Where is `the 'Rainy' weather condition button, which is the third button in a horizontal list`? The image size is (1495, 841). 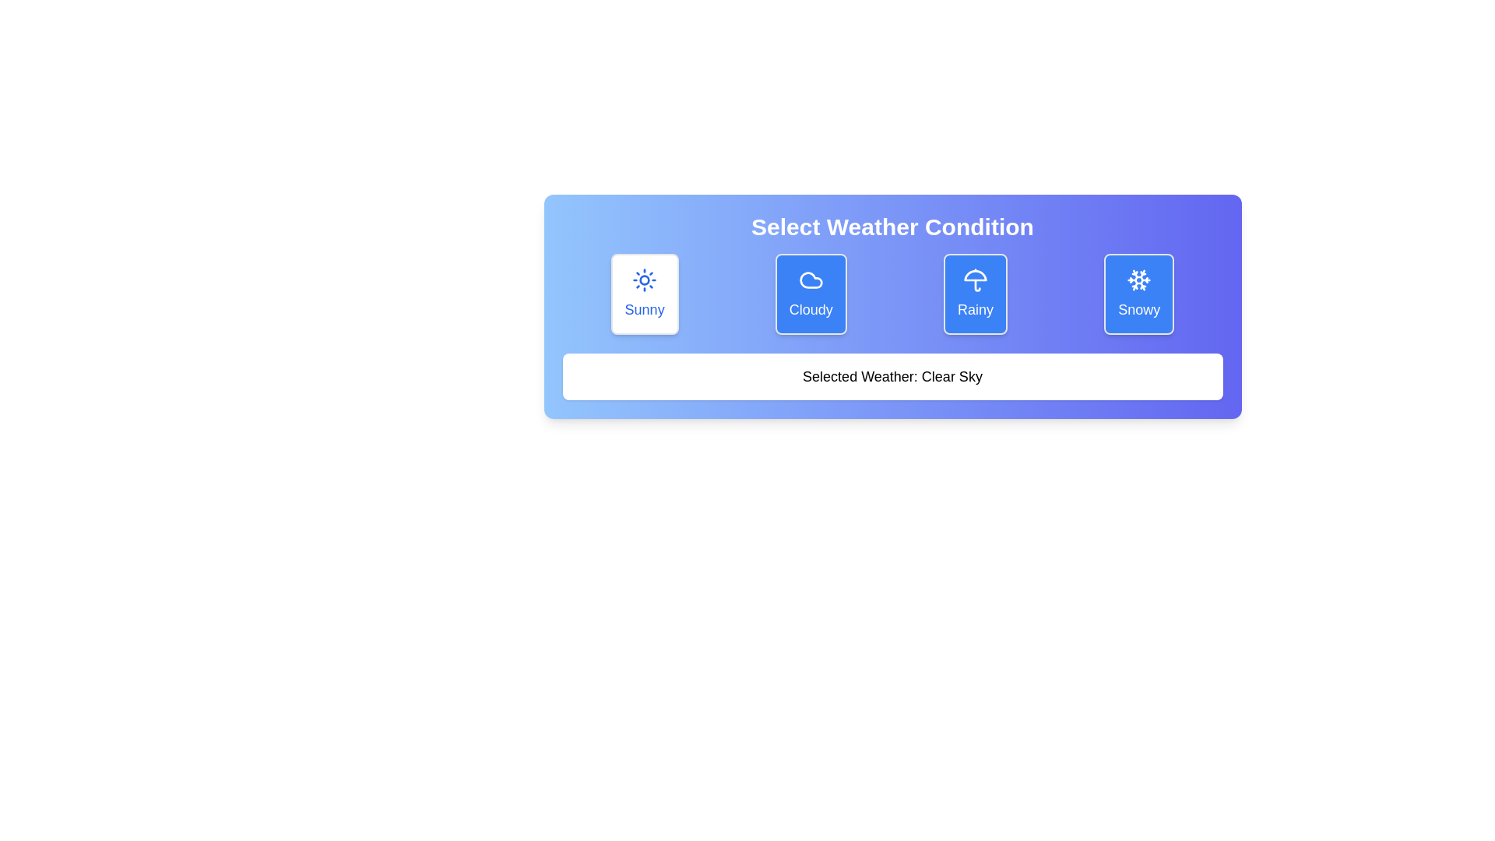
the 'Rainy' weather condition button, which is the third button in a horizontal list is located at coordinates (975, 294).